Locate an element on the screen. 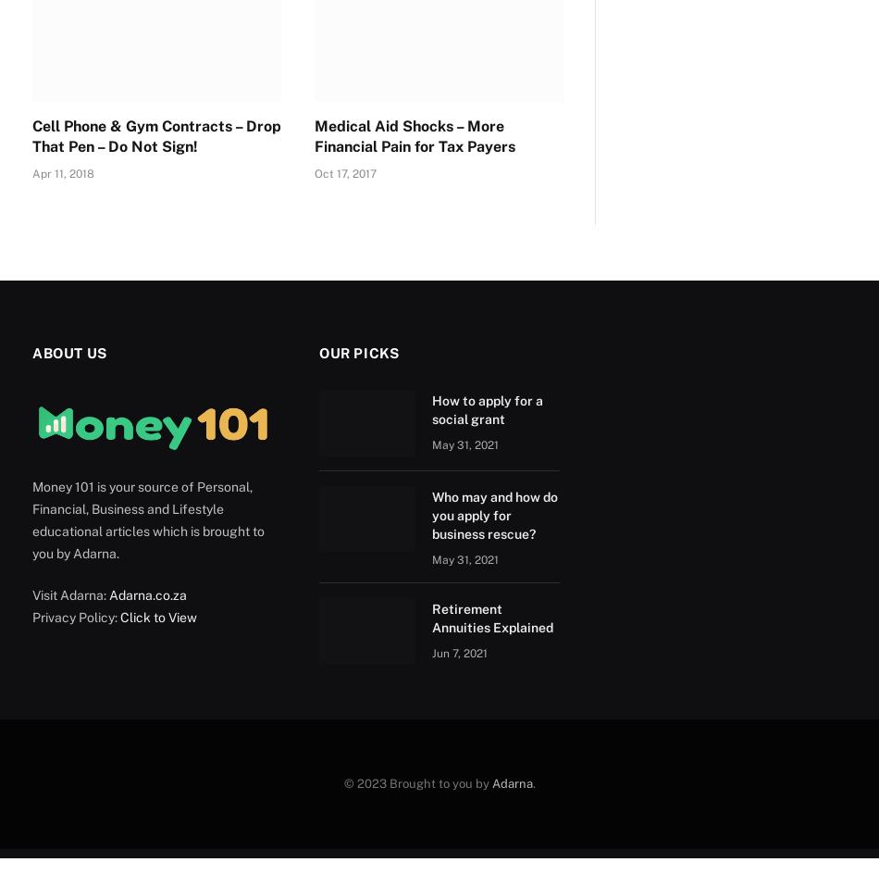  'How to apply for a social grant' is located at coordinates (429, 409).